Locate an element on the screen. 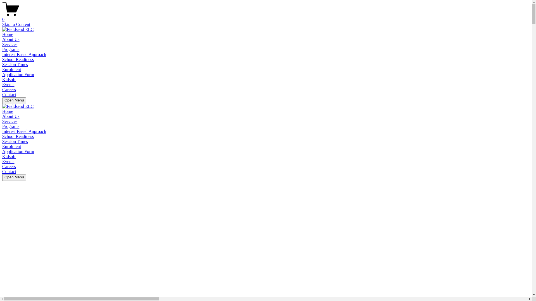 This screenshot has width=536, height=301. 'Session Times' is located at coordinates (2, 64).